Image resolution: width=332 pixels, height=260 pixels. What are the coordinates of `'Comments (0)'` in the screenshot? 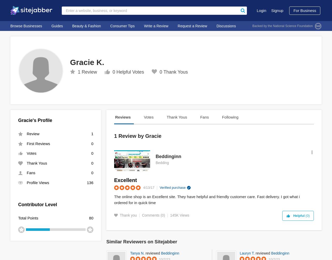 It's located at (153, 215).